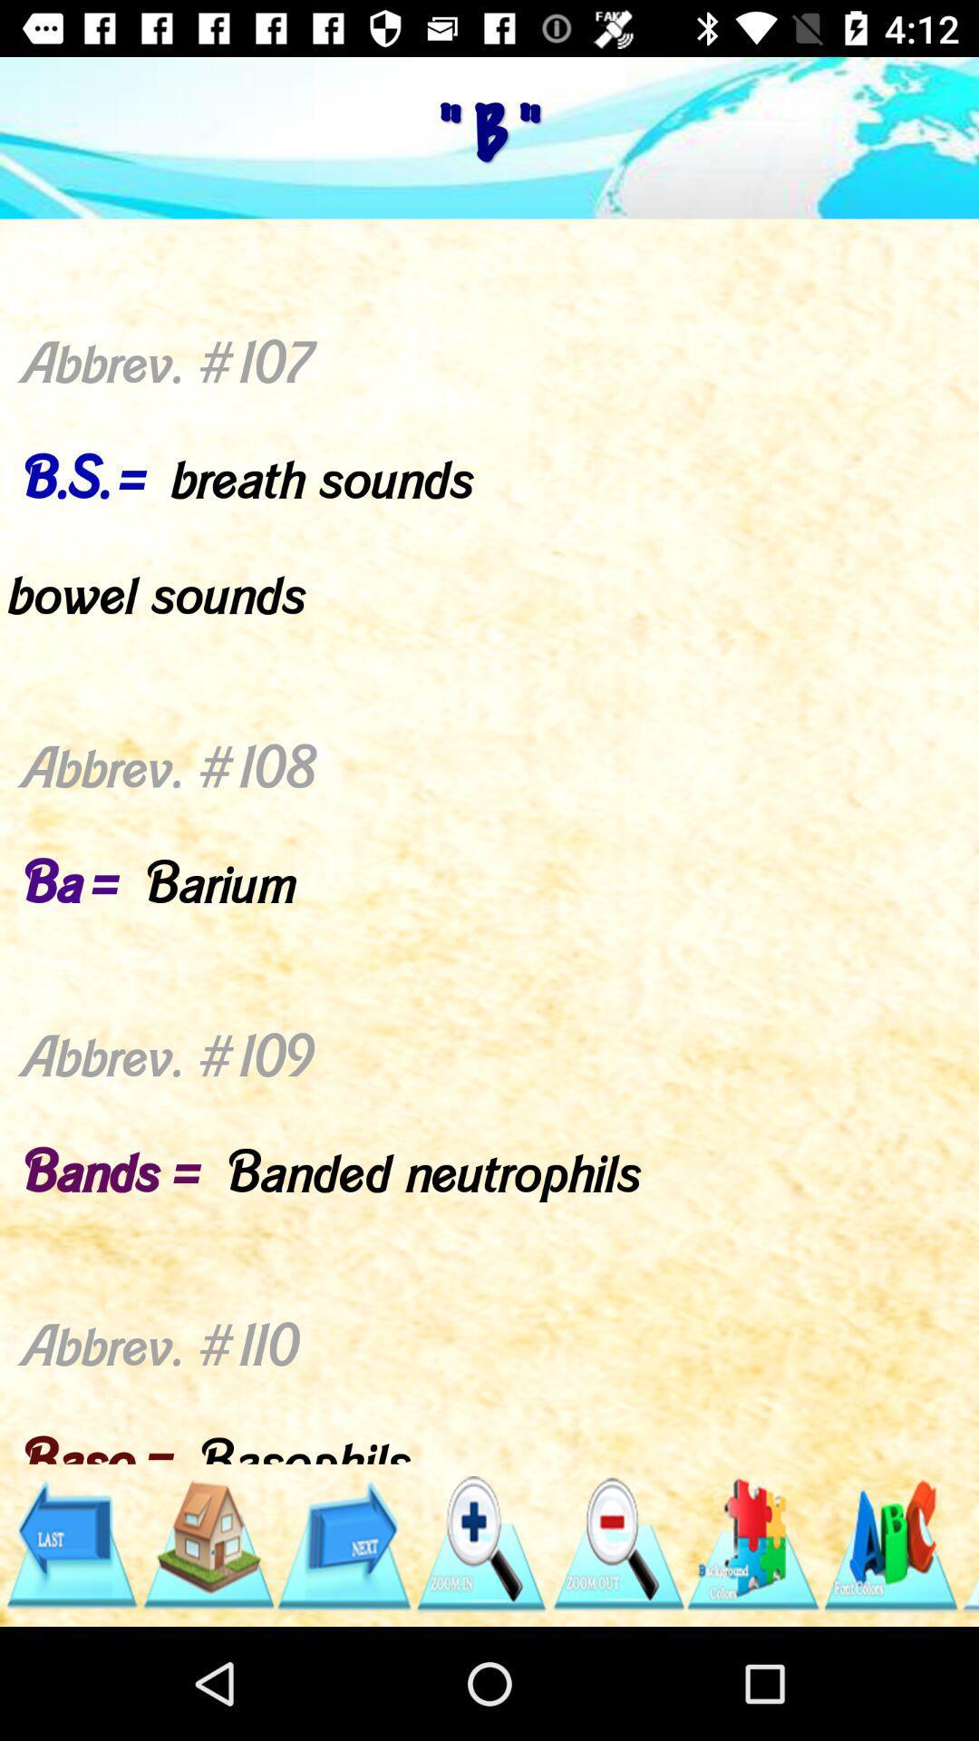  Describe the element at coordinates (754, 1543) in the screenshot. I see `games option` at that location.